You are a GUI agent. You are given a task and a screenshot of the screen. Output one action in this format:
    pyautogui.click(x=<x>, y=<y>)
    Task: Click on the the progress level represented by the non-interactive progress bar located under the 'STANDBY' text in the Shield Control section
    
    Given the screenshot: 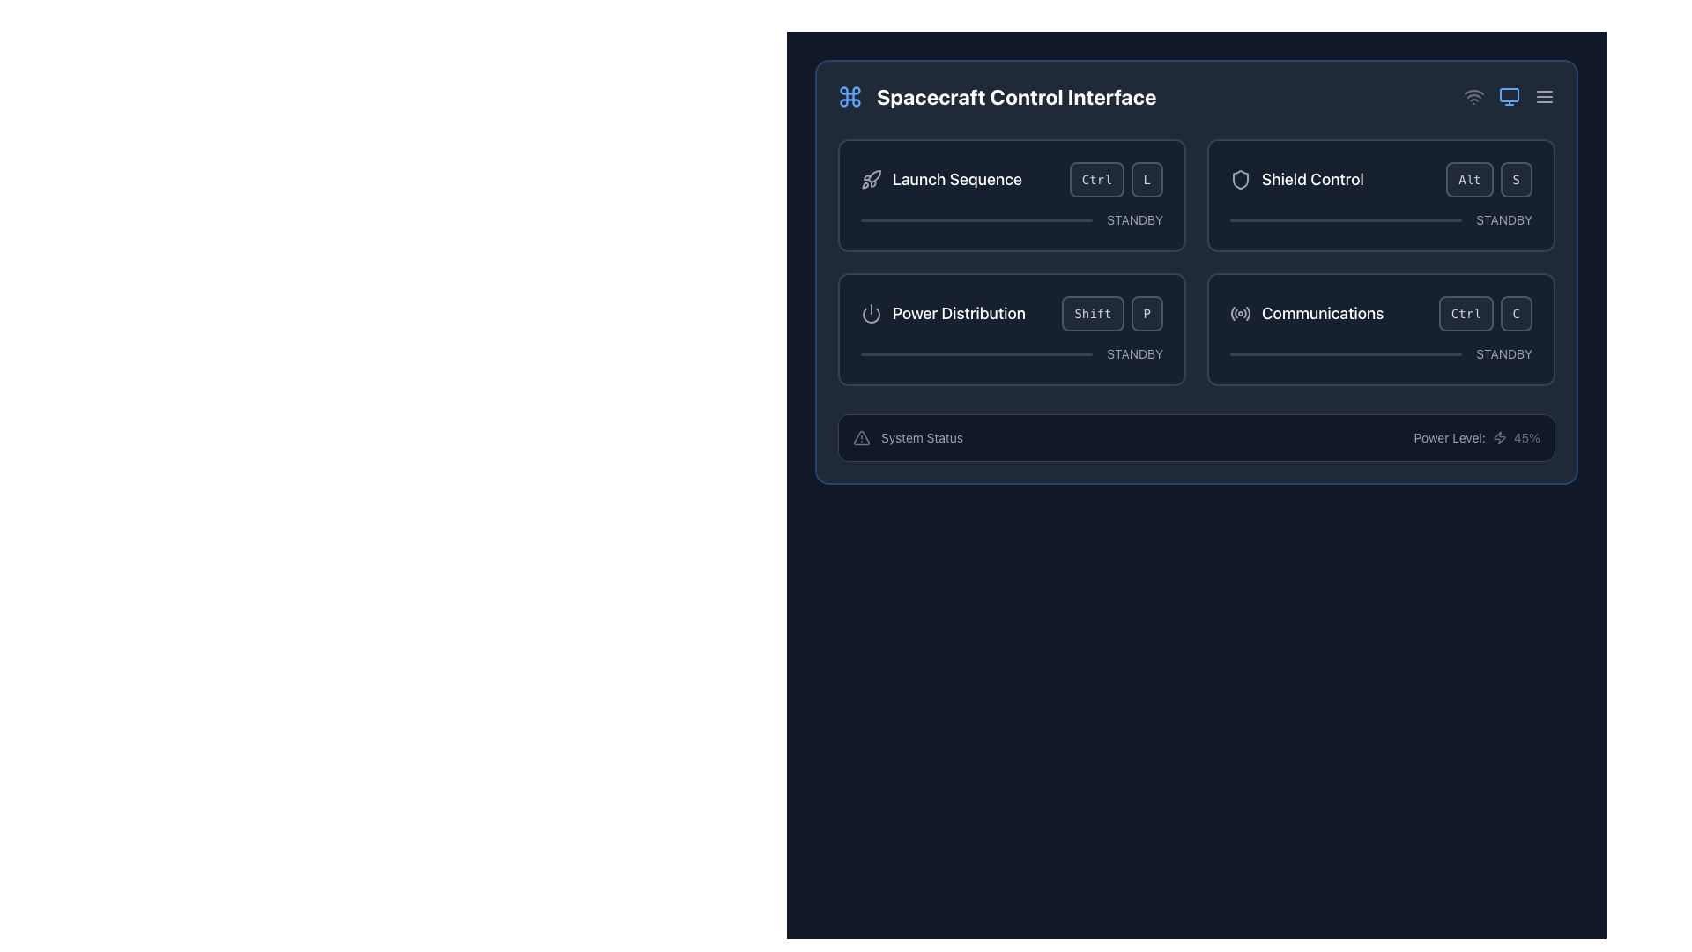 What is the action you would take?
    pyautogui.click(x=1345, y=219)
    